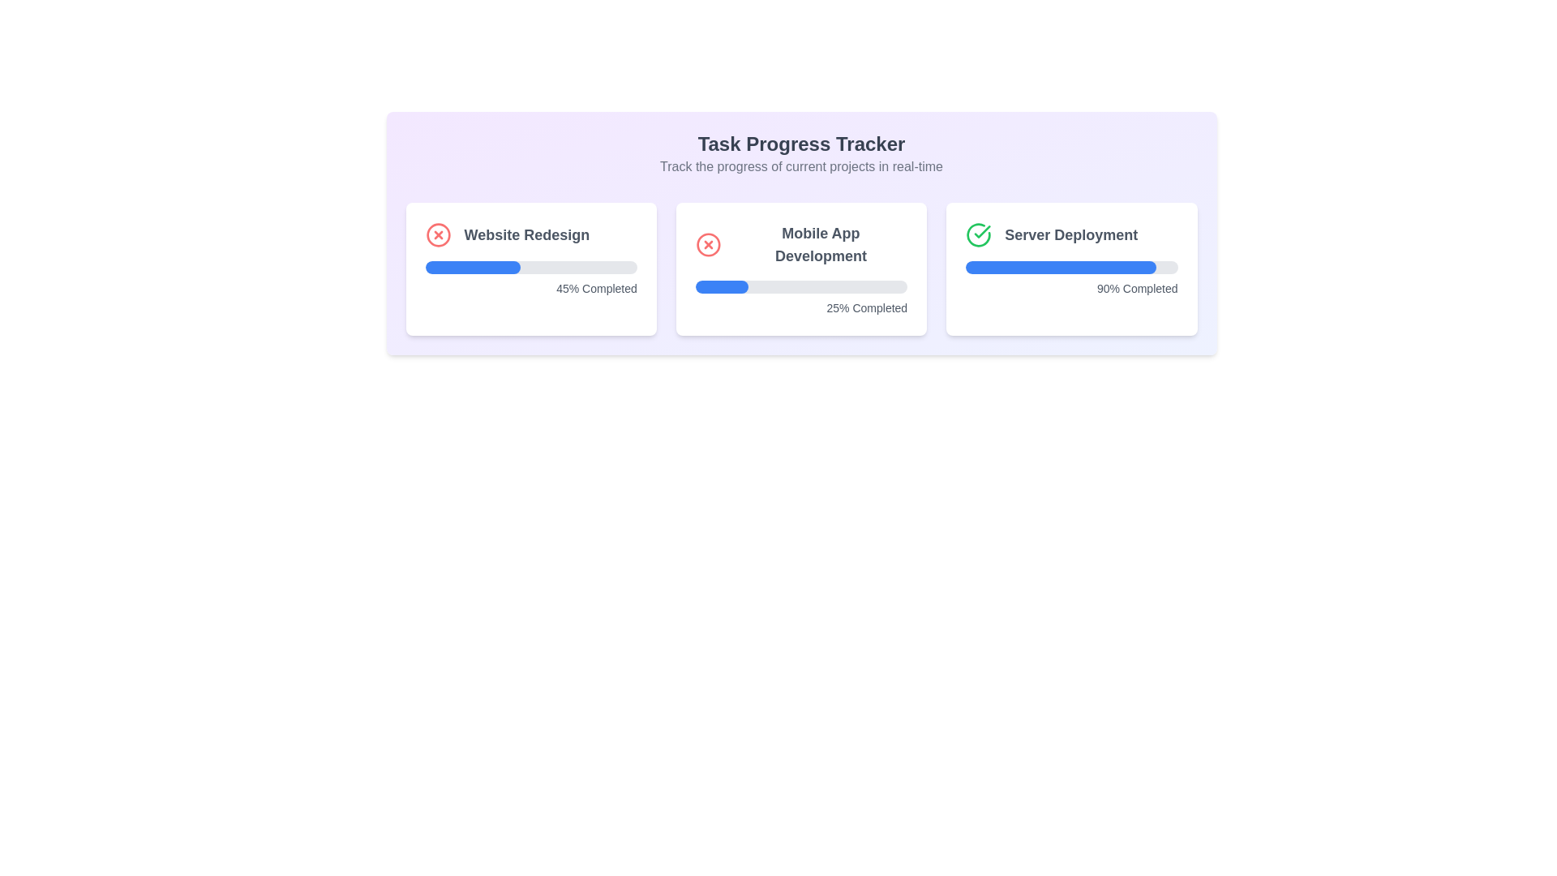 This screenshot has width=1557, height=876. I want to click on the horizontal progress bar located within the 'Server Deployment' card, which has a gray background and a filled blue section representing 90% completion, so click(1071, 267).